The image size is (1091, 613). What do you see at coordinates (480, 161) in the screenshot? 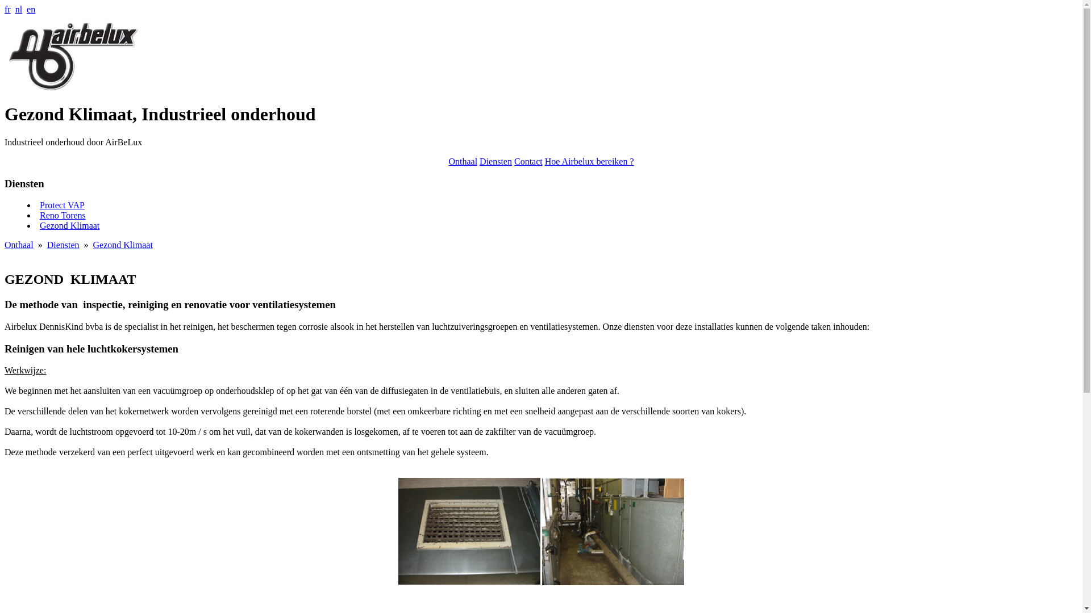
I see `'Diensten'` at bounding box center [480, 161].